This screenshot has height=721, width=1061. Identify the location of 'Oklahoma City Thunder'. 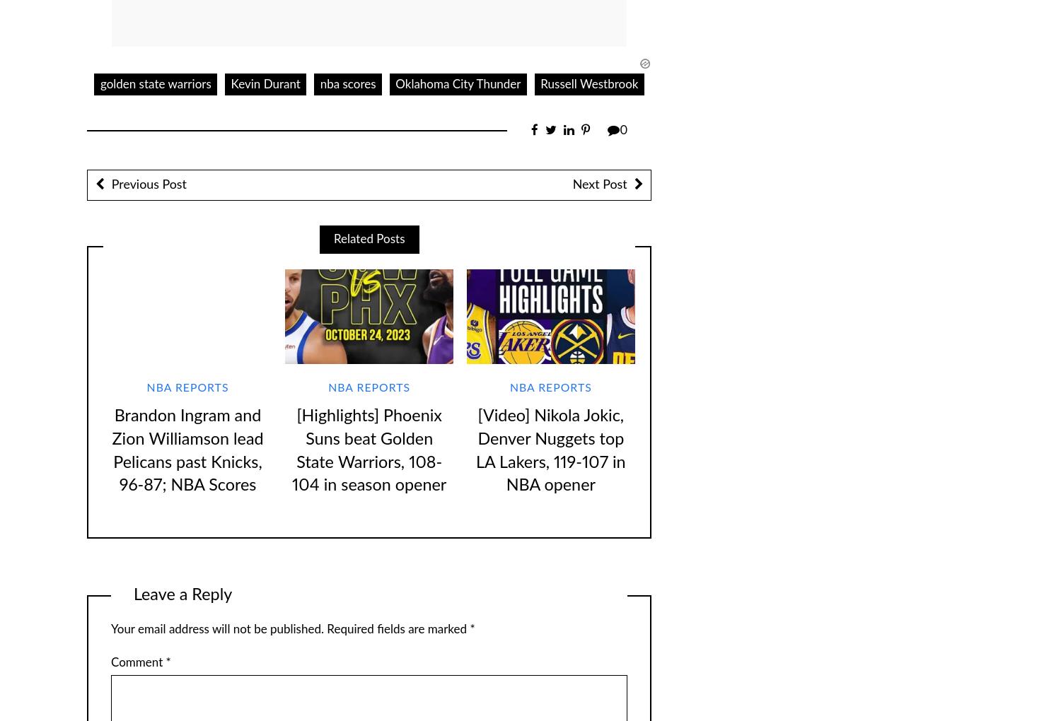
(458, 83).